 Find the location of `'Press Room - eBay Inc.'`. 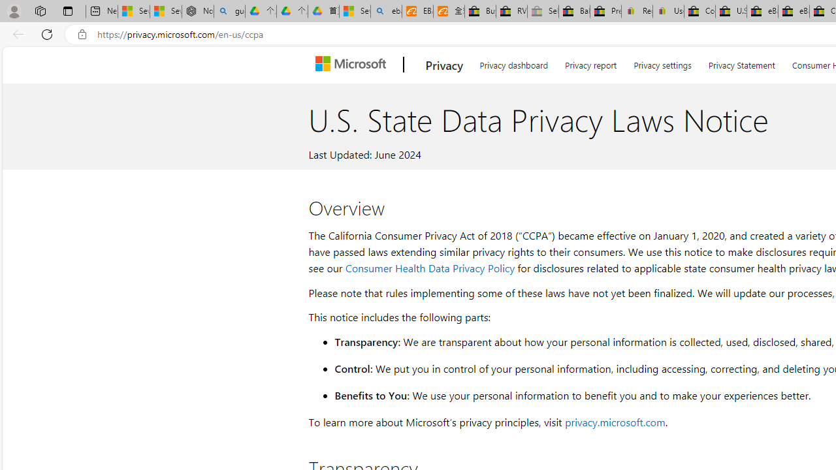

'Press Room - eBay Inc.' is located at coordinates (605, 11).